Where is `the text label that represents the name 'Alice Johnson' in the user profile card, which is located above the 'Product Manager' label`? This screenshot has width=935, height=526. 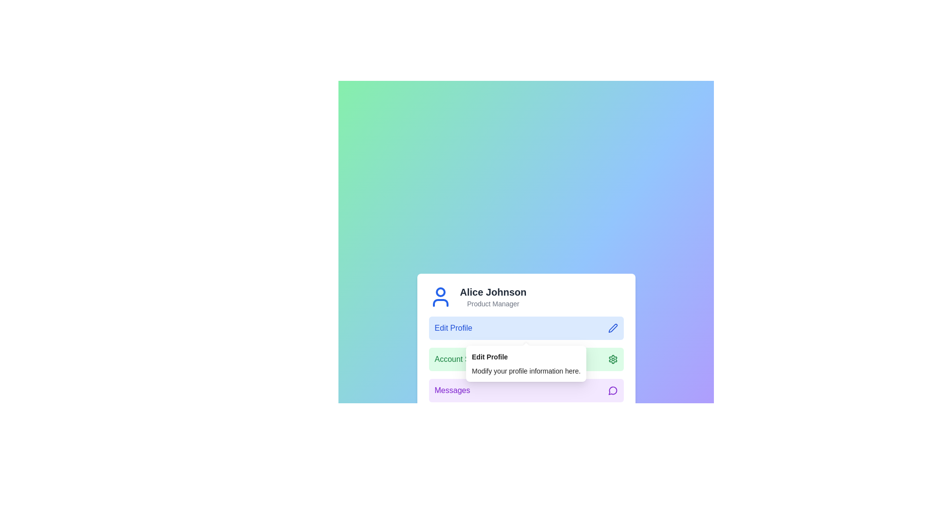
the text label that represents the name 'Alice Johnson' in the user profile card, which is located above the 'Product Manager' label is located at coordinates (493, 292).